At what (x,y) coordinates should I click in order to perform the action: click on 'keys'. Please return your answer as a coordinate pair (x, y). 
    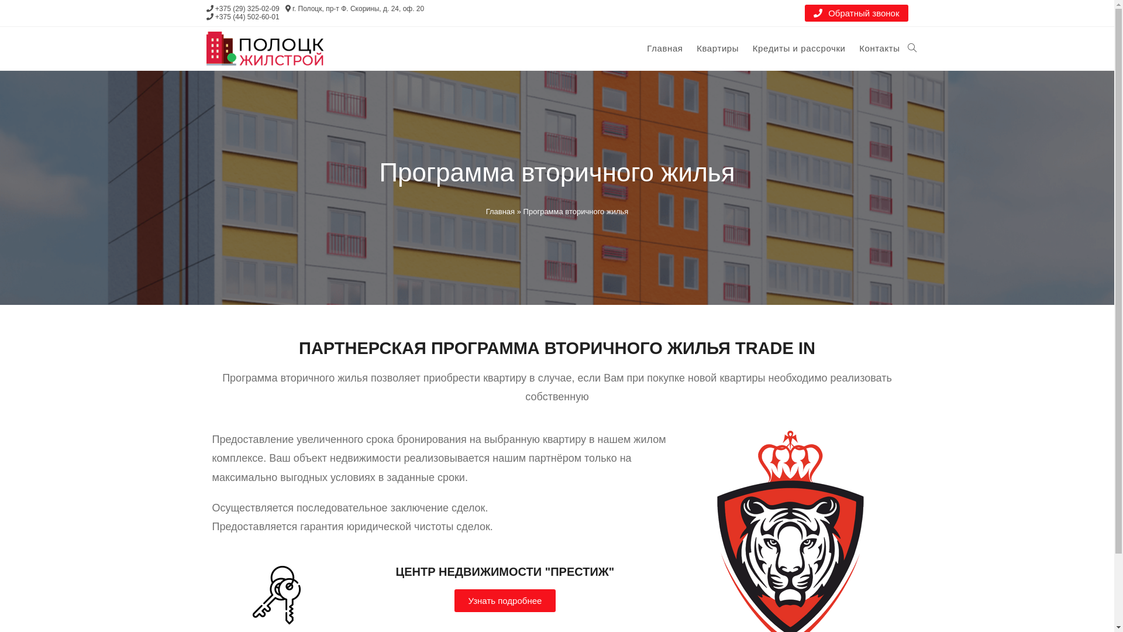
    Looking at the image, I should click on (246, 595).